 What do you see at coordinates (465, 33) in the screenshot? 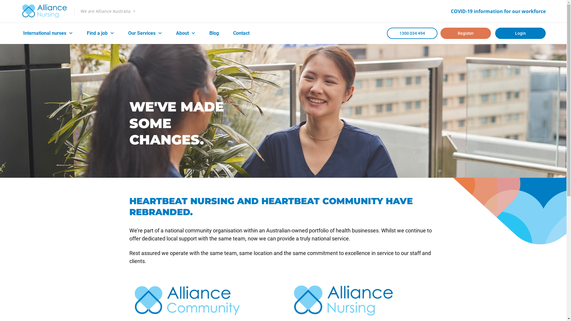
I see `'Register'` at bounding box center [465, 33].